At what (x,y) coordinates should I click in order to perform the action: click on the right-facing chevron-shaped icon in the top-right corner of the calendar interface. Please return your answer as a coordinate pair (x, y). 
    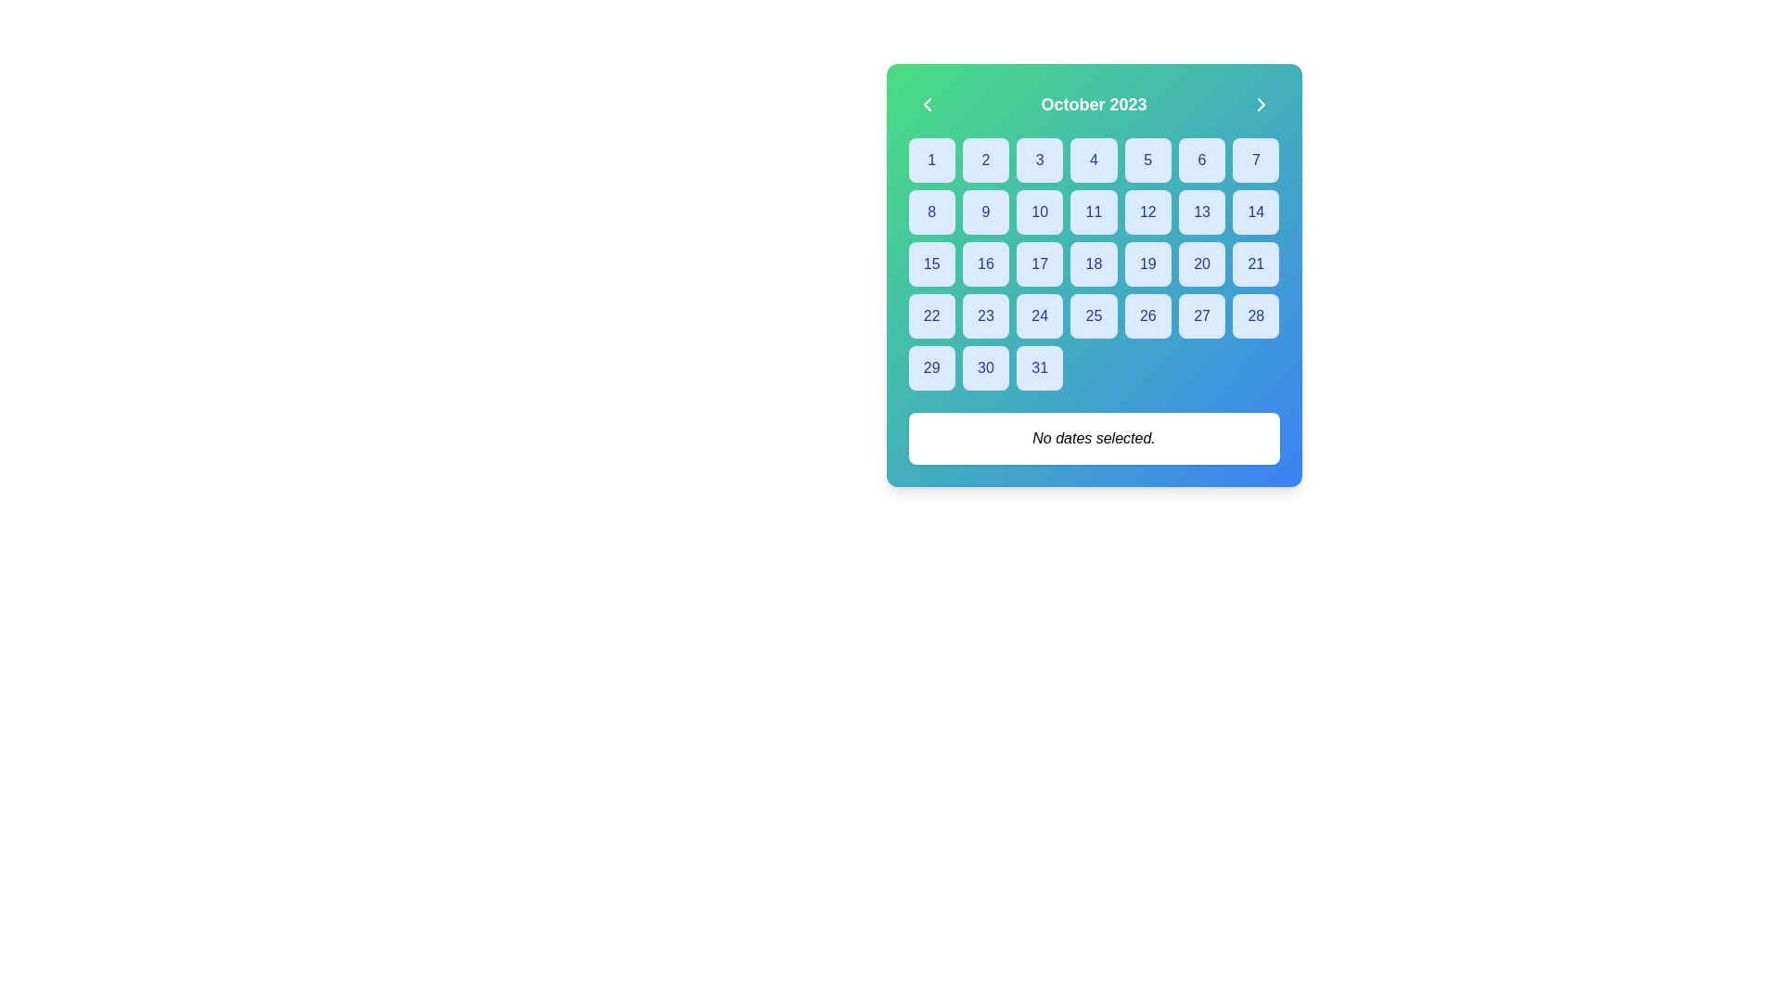
    Looking at the image, I should click on (1261, 104).